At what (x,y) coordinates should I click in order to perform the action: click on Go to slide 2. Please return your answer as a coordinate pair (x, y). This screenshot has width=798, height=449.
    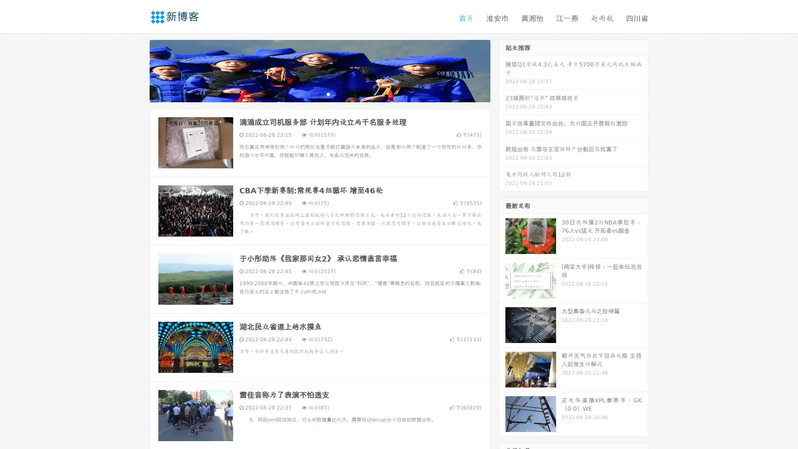
    Looking at the image, I should click on (319, 94).